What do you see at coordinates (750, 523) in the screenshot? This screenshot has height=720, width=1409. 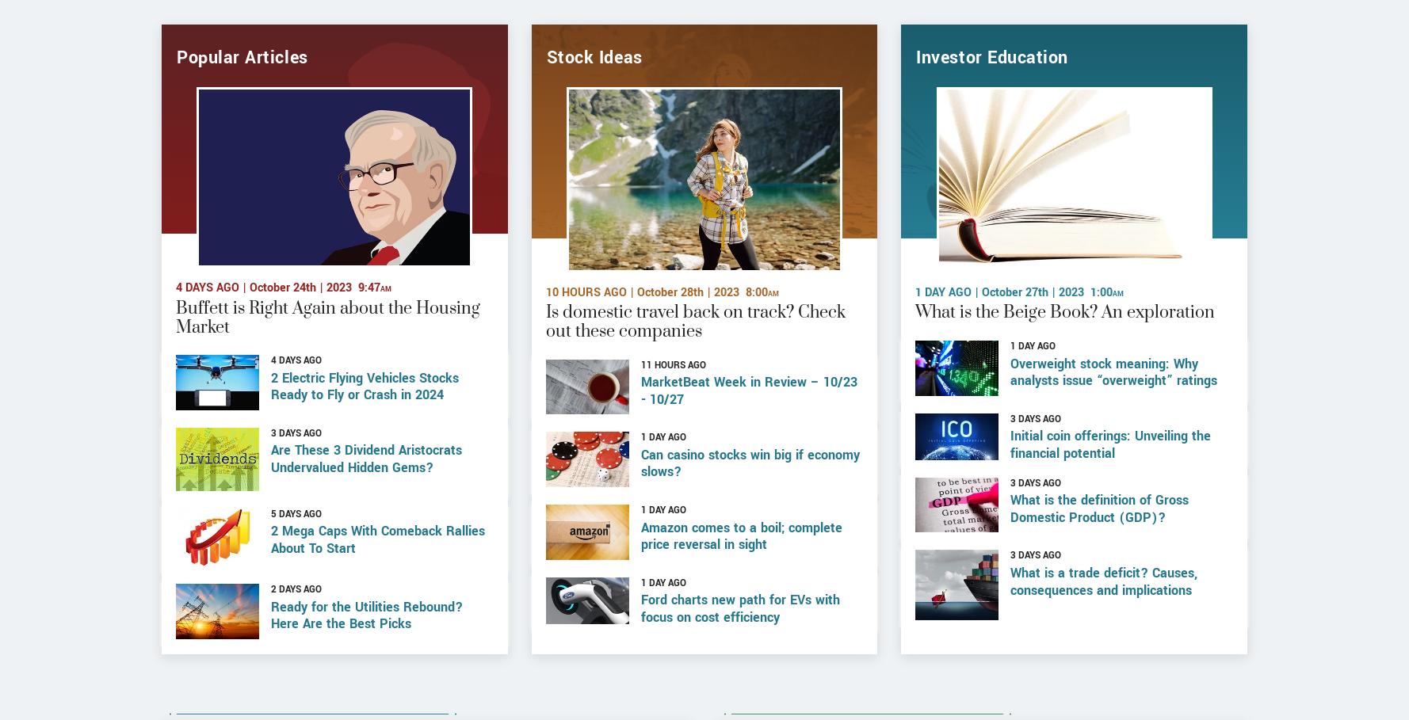 I see `'Can casino stocks win big if economy slows?'` at bounding box center [750, 523].